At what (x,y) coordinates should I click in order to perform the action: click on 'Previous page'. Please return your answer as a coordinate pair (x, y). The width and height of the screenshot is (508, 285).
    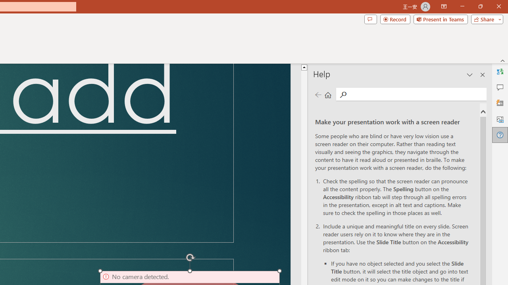
    Looking at the image, I should click on (318, 94).